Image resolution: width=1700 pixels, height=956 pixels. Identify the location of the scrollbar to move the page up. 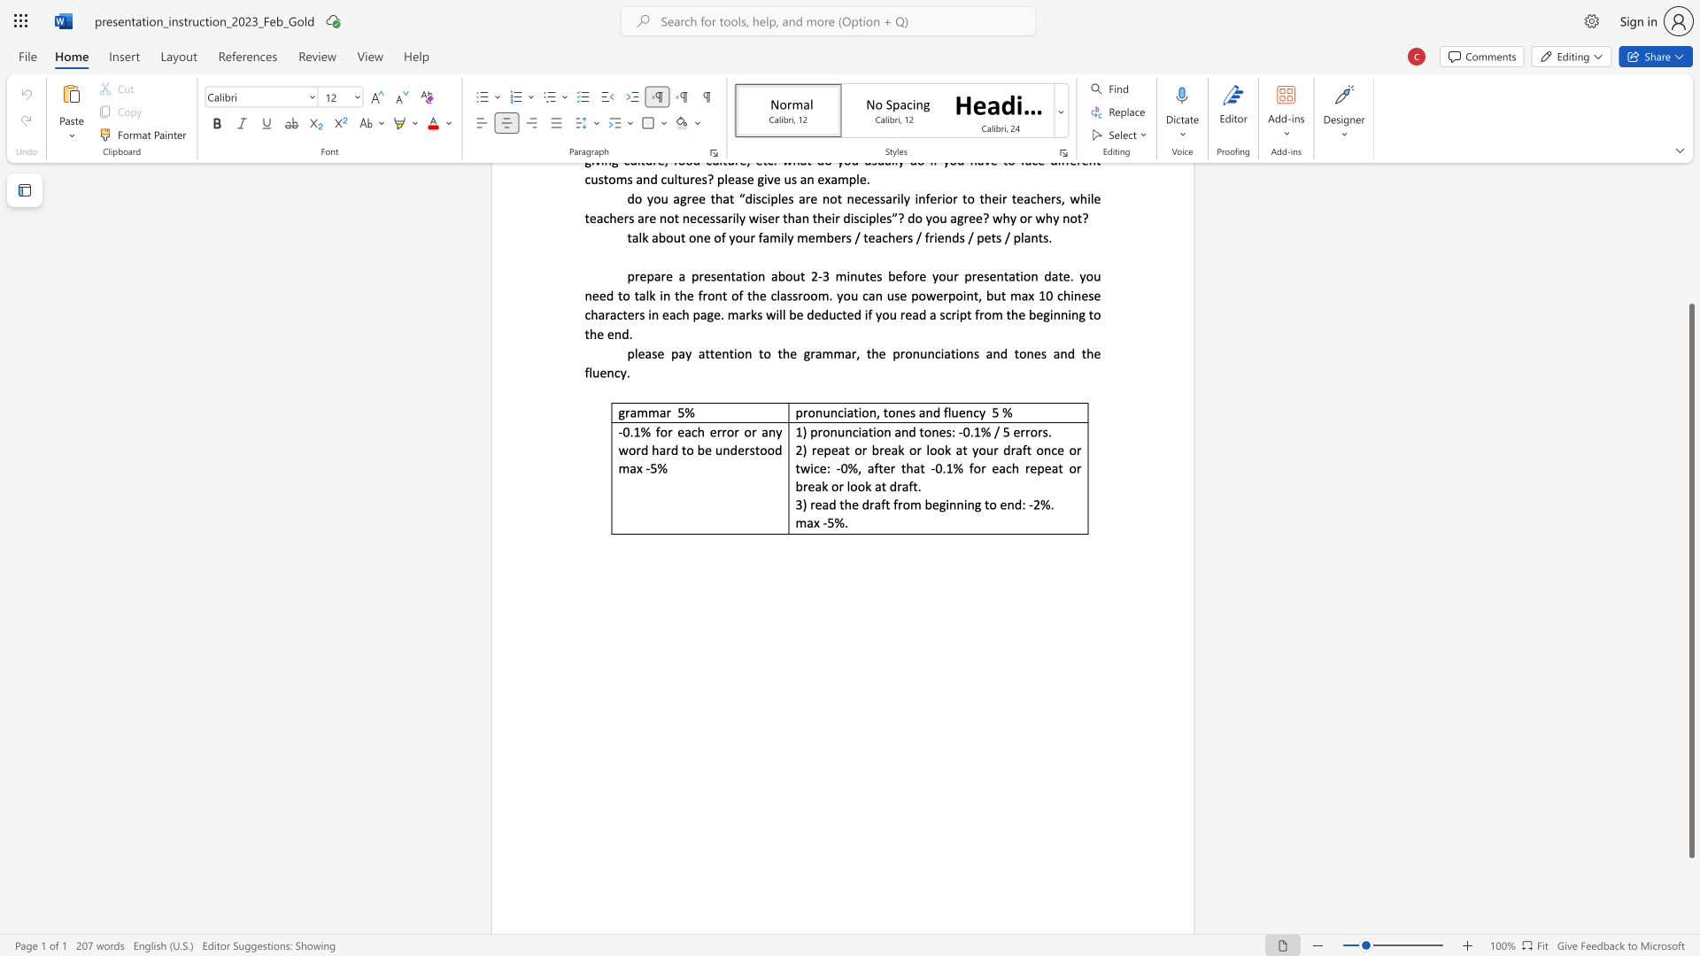
(1690, 203).